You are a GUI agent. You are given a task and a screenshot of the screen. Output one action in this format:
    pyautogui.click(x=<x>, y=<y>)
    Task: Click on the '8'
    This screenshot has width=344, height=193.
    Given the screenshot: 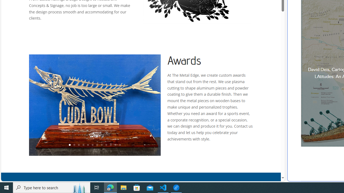 What is the action you would take?
    pyautogui.click(x=101, y=145)
    